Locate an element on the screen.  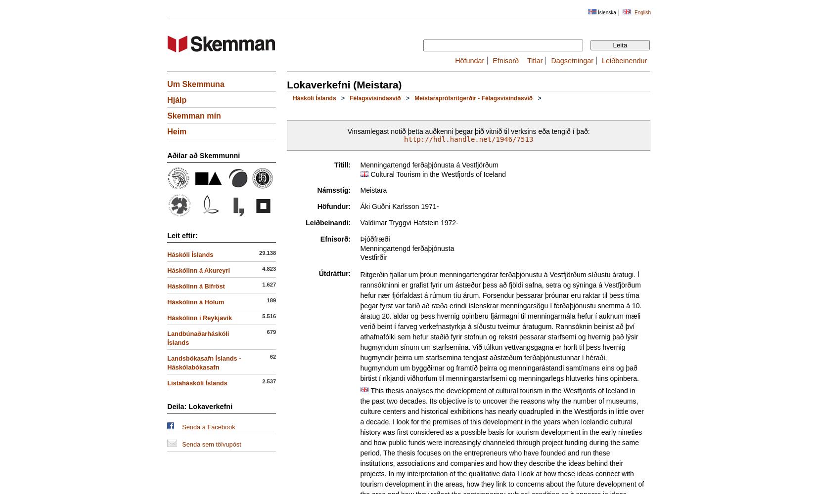
'Vinsamlegast notið þetta auðkenni þegar þið vitnið til verksins eða tengið í það:' is located at coordinates (347, 131).